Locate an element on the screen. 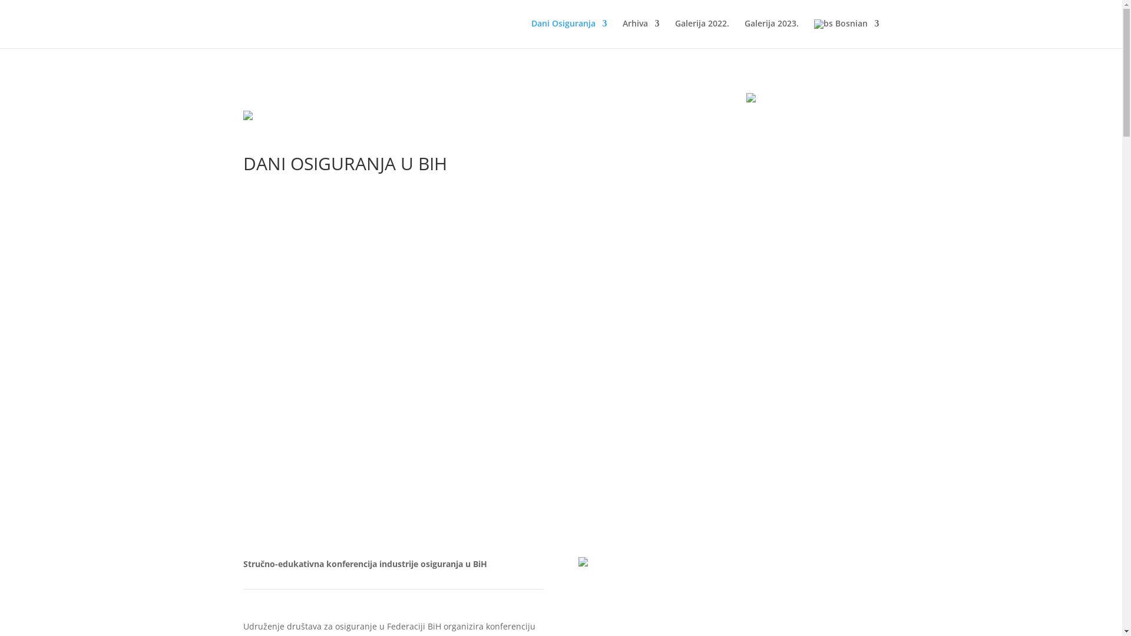  'Galerija 2022.' is located at coordinates (702, 32).